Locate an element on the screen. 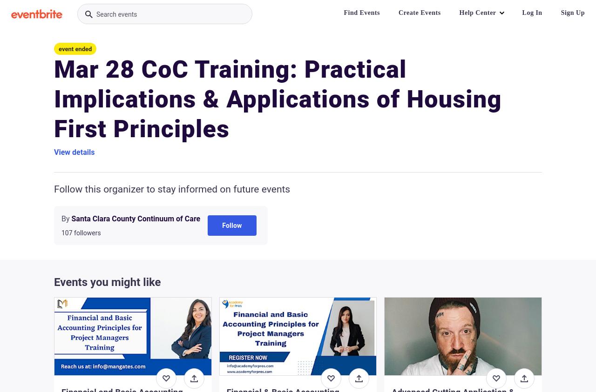 Image resolution: width=596 pixels, height=392 pixels. 'Search events' is located at coordinates (116, 14).